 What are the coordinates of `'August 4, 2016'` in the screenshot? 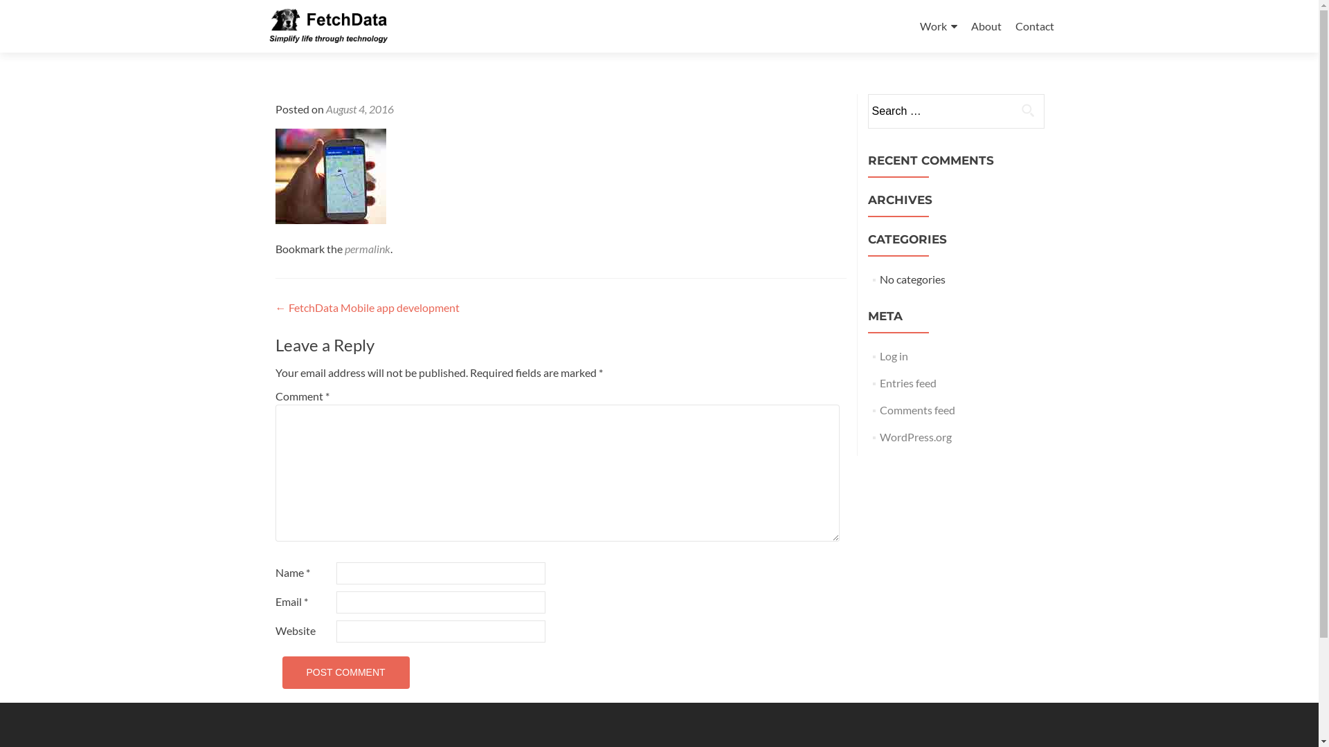 It's located at (359, 108).